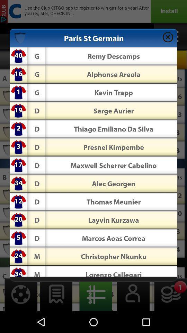 Image resolution: width=187 pixels, height=333 pixels. I want to click on the close icon, so click(168, 40).